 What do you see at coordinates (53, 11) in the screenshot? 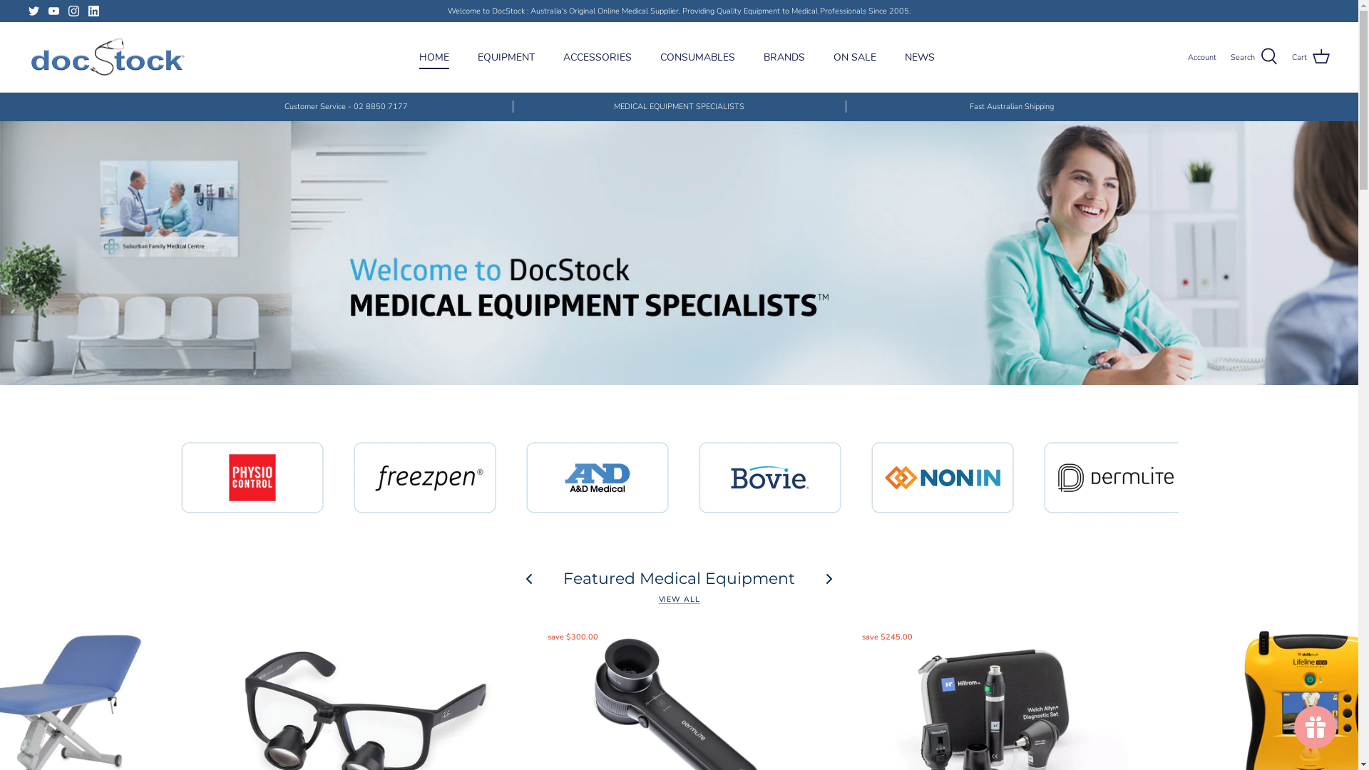
I see `'Youtube'` at bounding box center [53, 11].